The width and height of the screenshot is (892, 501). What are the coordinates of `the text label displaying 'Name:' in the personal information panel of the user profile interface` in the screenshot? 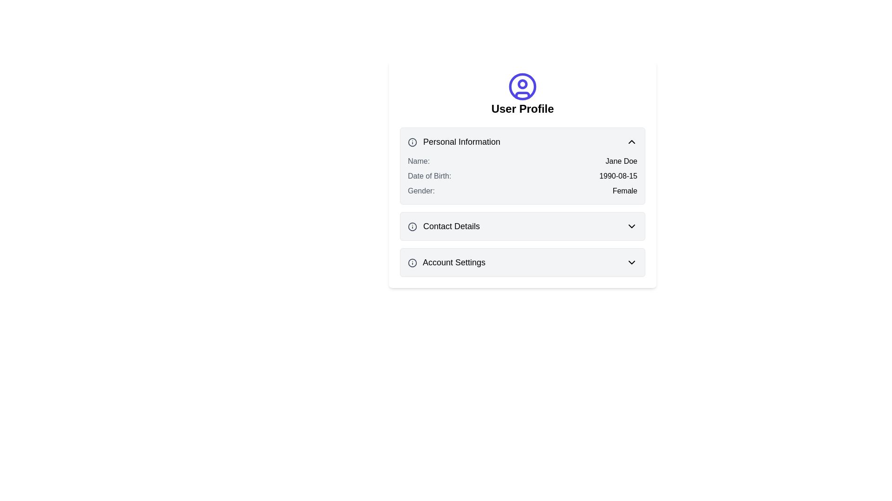 It's located at (418, 161).